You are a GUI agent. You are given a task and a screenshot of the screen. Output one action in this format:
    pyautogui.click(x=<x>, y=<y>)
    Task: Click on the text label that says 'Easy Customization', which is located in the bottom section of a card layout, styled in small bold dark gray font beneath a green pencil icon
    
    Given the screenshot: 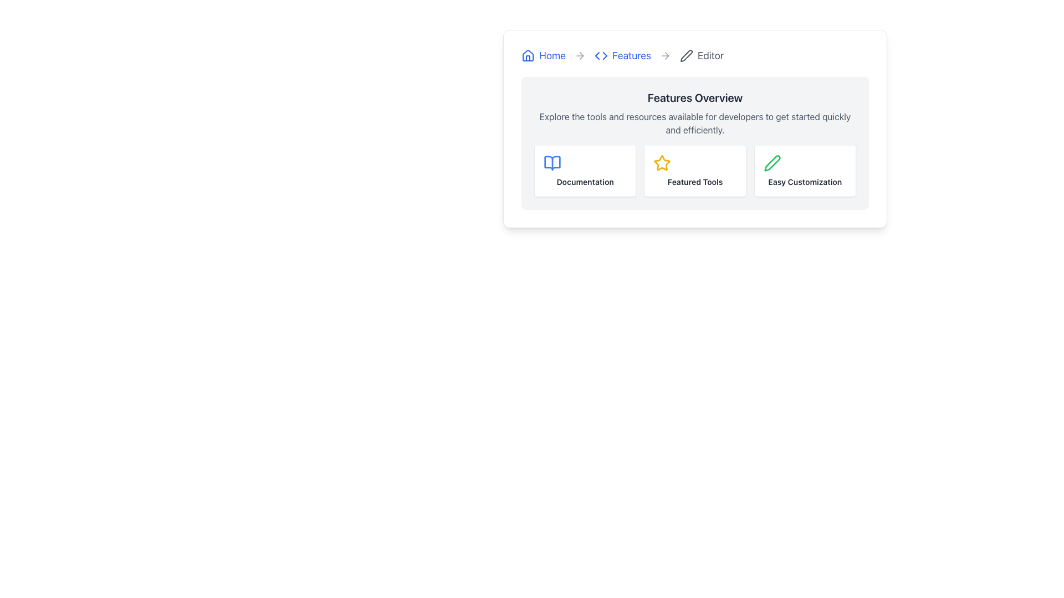 What is the action you would take?
    pyautogui.click(x=805, y=181)
    